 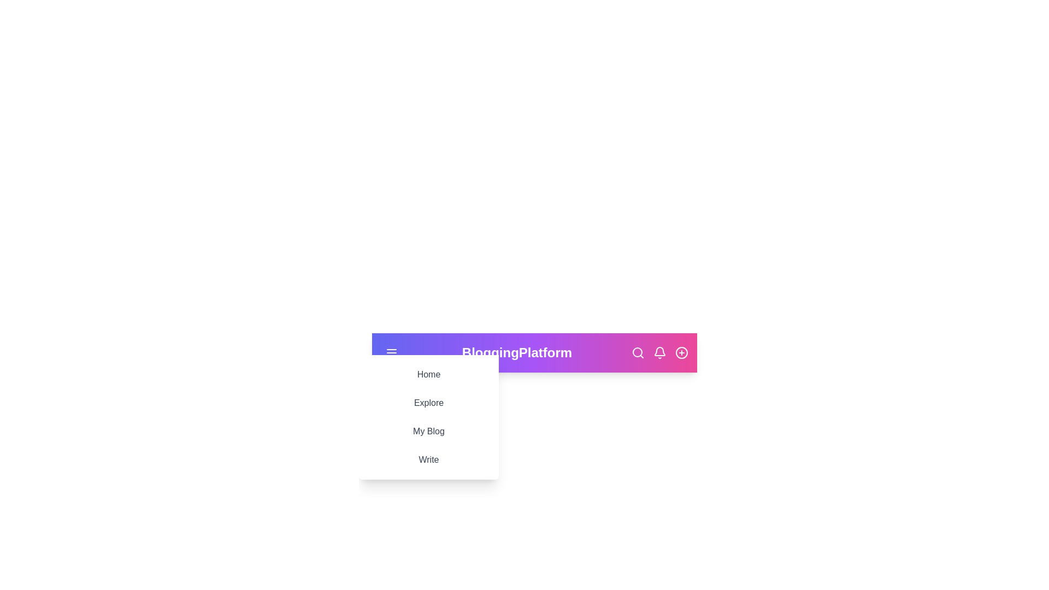 I want to click on the menu option Home from the sidebar, so click(x=428, y=374).